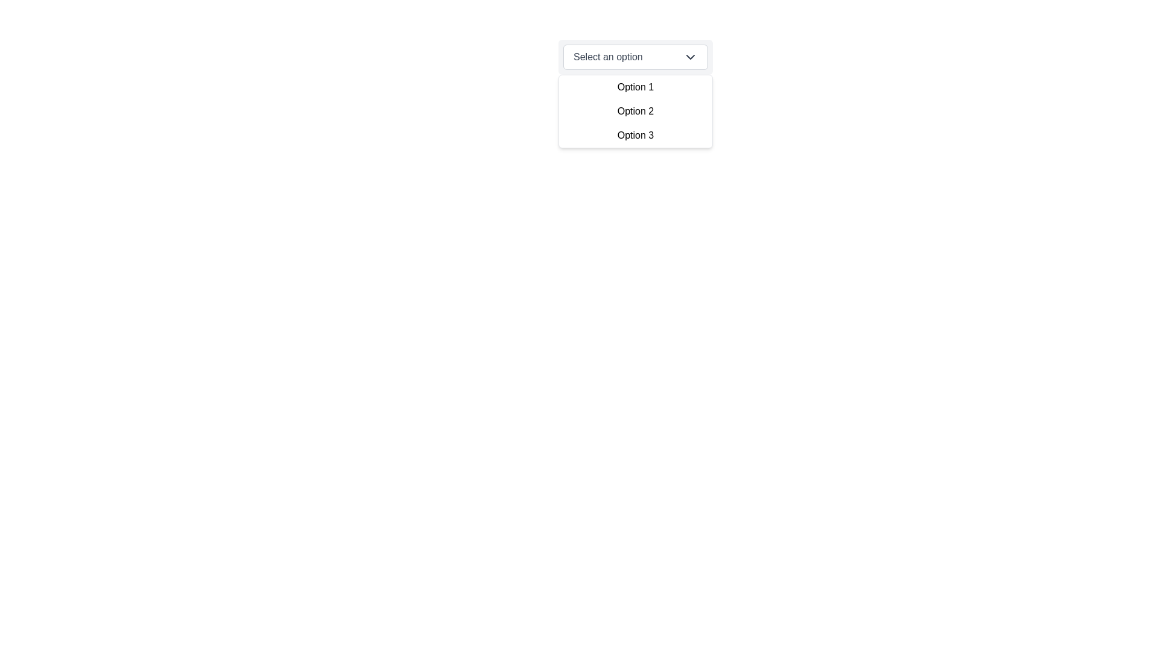 This screenshot has height=651, width=1158. I want to click on the dropdown menu located below the 'Select an option' button, so click(635, 112).